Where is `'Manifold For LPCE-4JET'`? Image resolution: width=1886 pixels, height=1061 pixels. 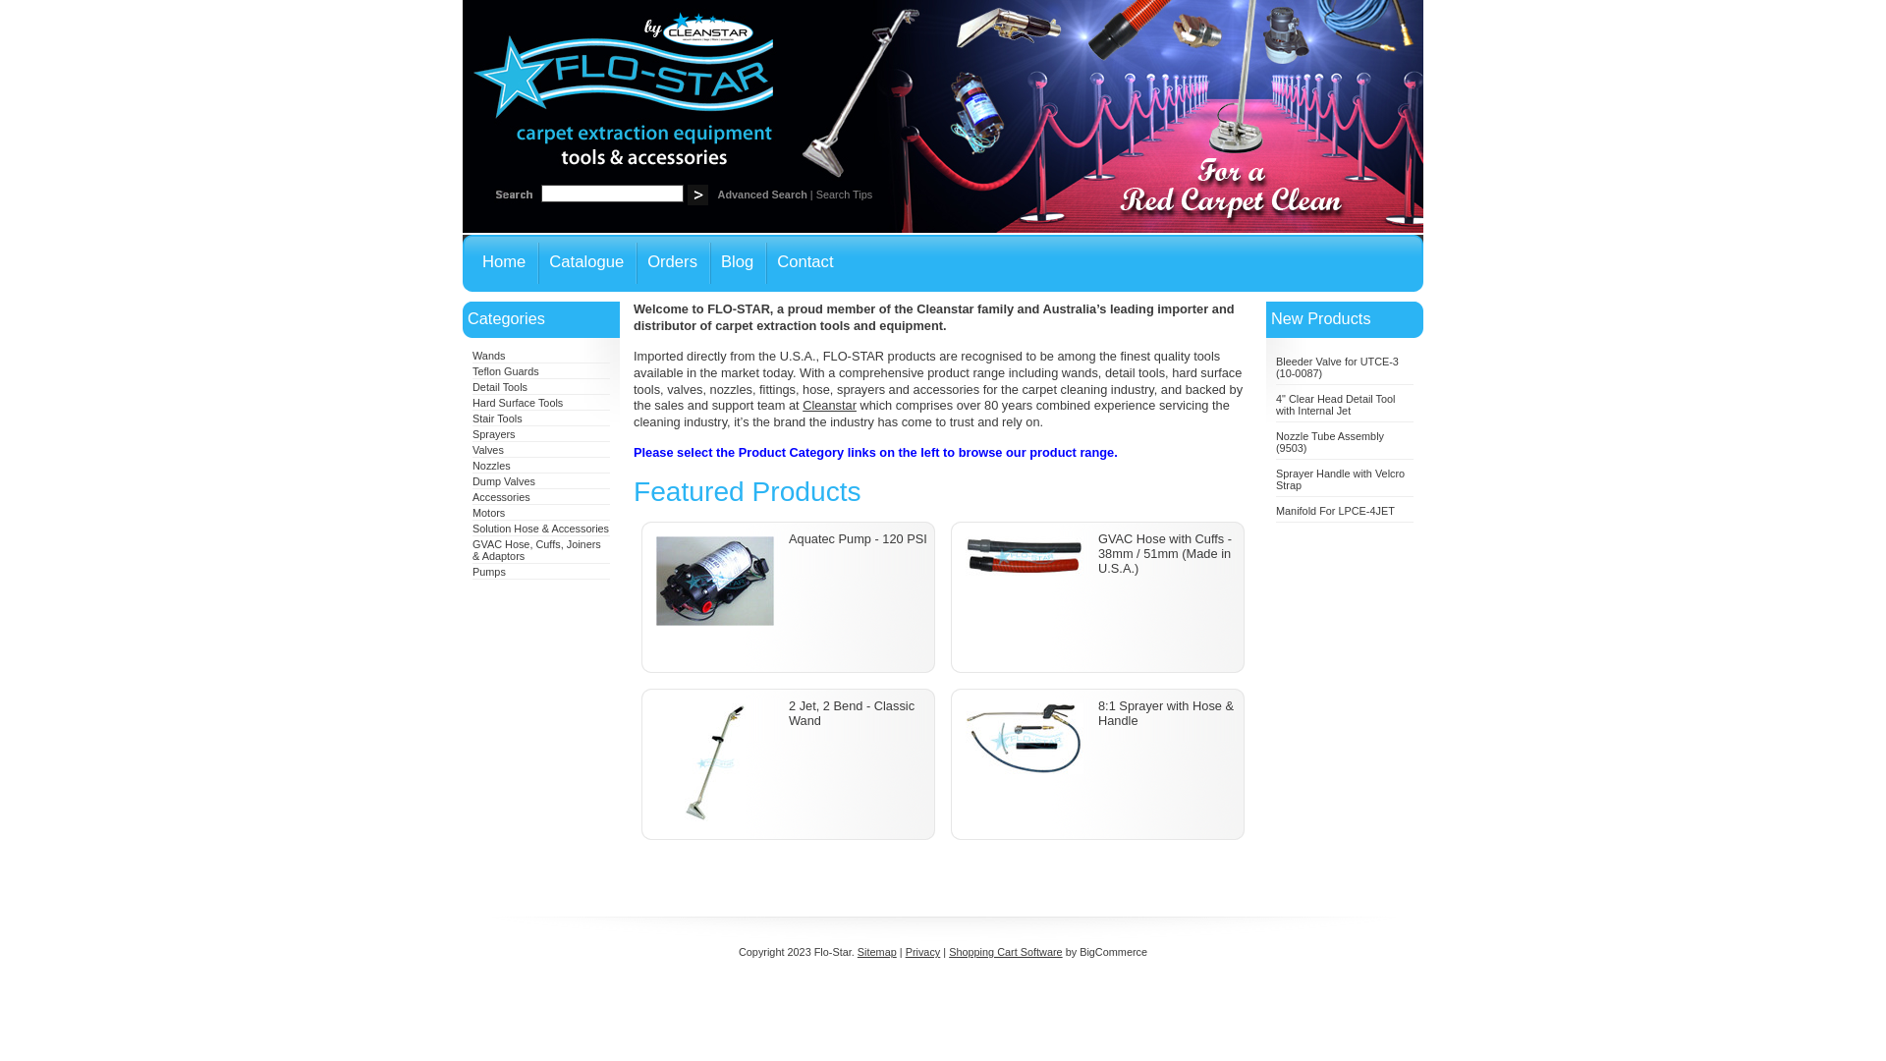
'Manifold For LPCE-4JET' is located at coordinates (1335, 510).